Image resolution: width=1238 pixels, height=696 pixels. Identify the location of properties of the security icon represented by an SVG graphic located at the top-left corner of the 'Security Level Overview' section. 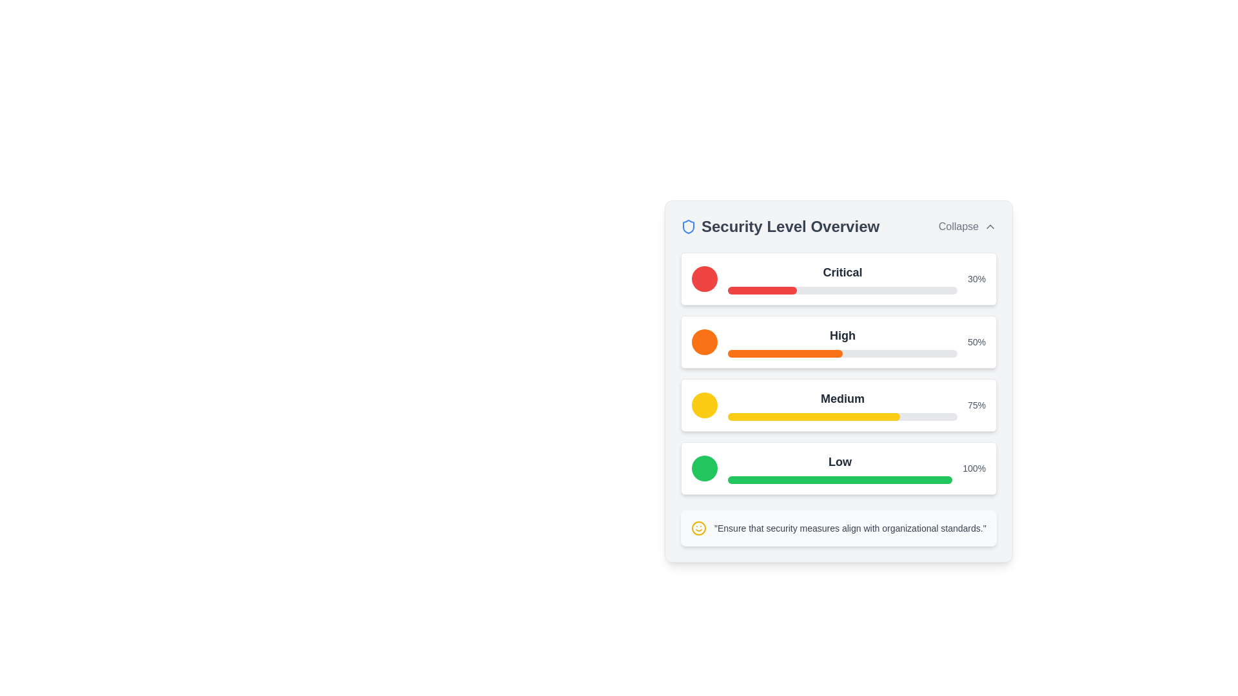
(688, 226).